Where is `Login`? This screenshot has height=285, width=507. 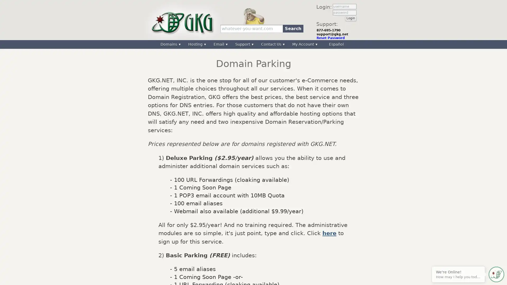 Login is located at coordinates (351, 18).